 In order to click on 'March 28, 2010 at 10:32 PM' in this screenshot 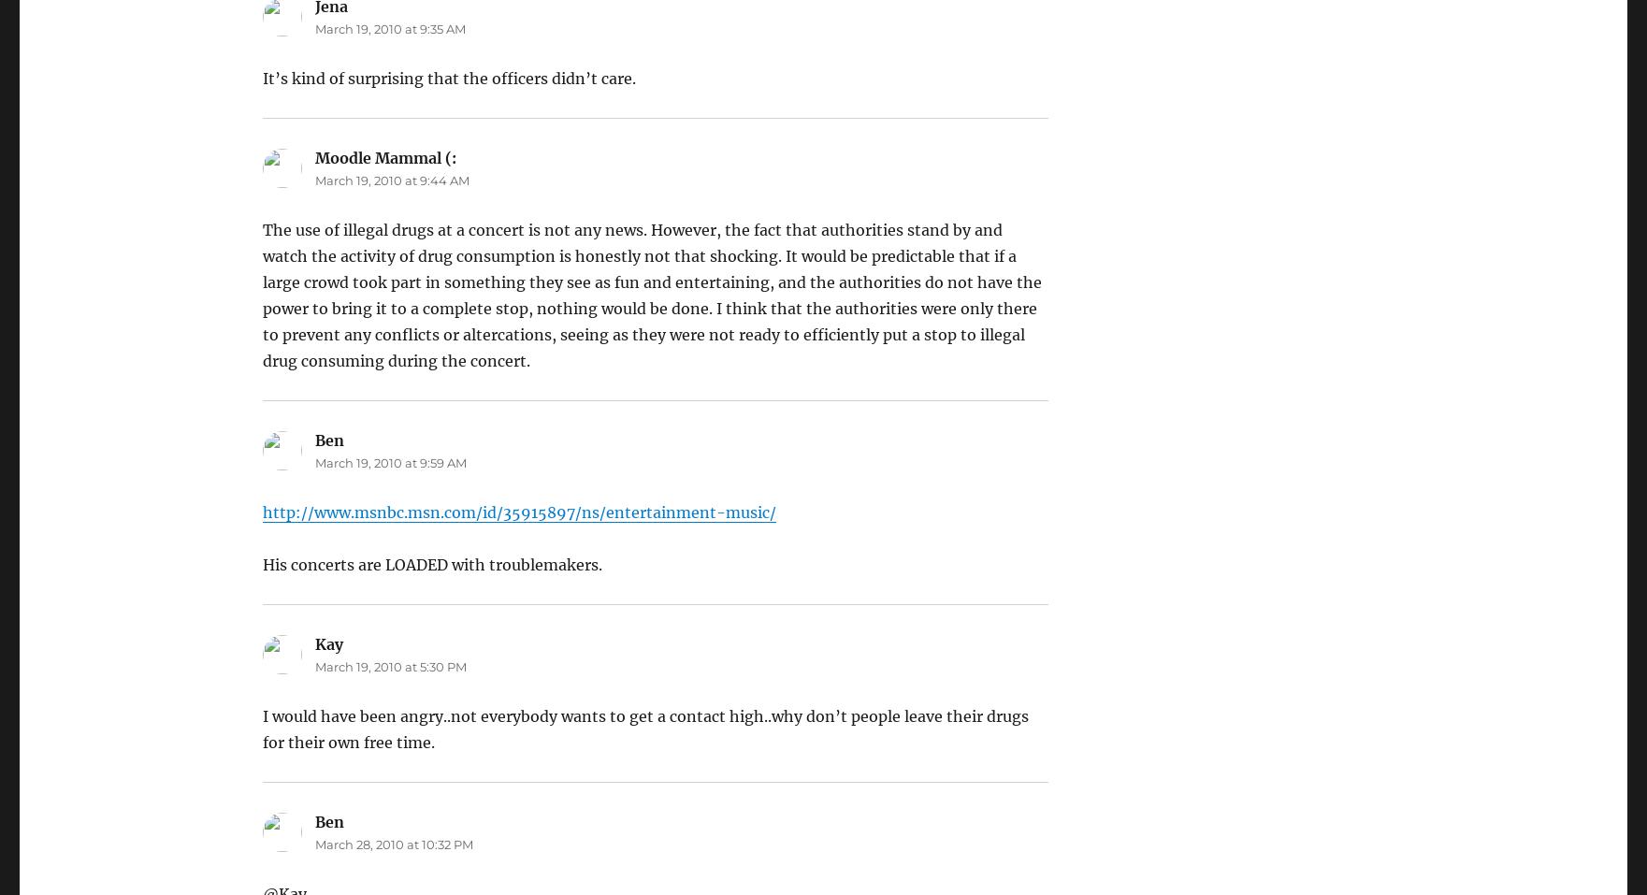, I will do `click(392, 844)`.